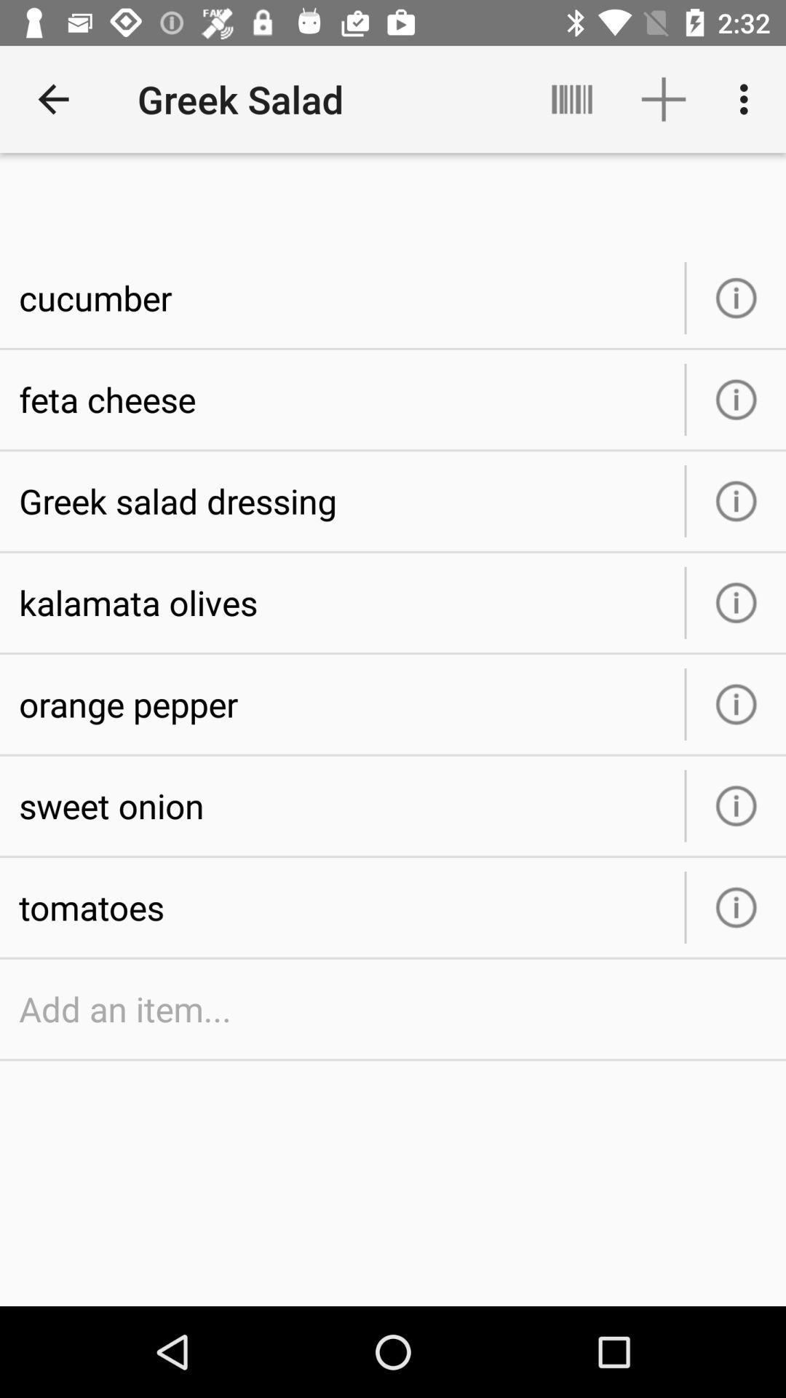  Describe the element at coordinates (571, 98) in the screenshot. I see `icon above the cucumber icon` at that location.